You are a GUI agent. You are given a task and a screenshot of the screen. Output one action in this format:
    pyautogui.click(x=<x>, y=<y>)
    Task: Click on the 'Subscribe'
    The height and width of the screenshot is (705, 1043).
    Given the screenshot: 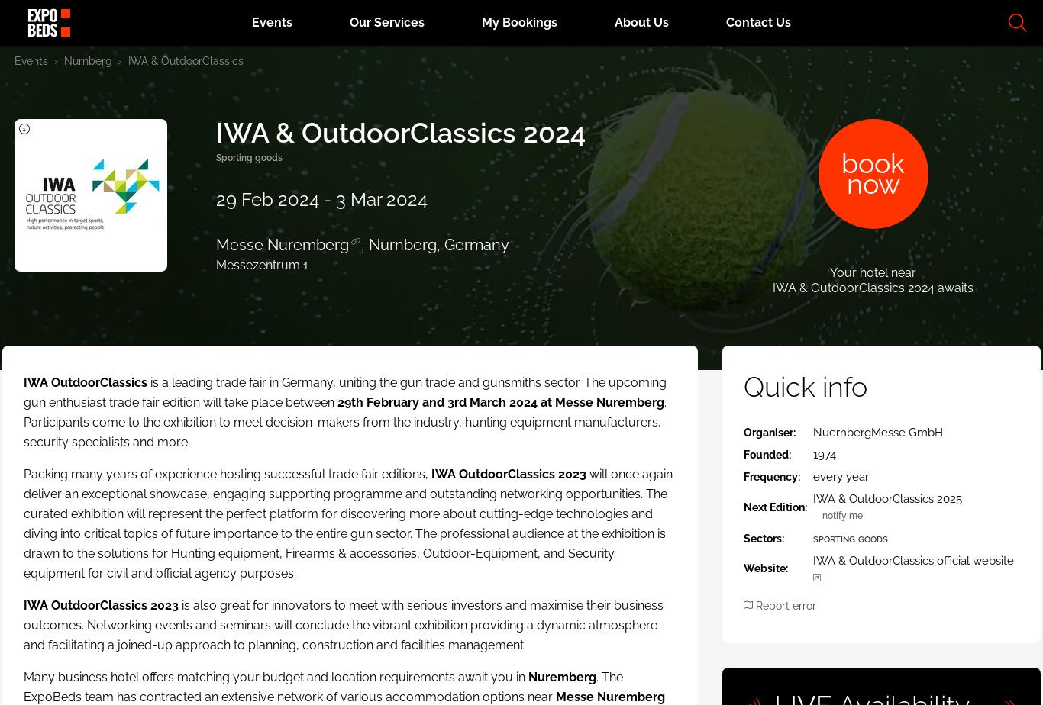 What is the action you would take?
    pyautogui.click(x=554, y=553)
    